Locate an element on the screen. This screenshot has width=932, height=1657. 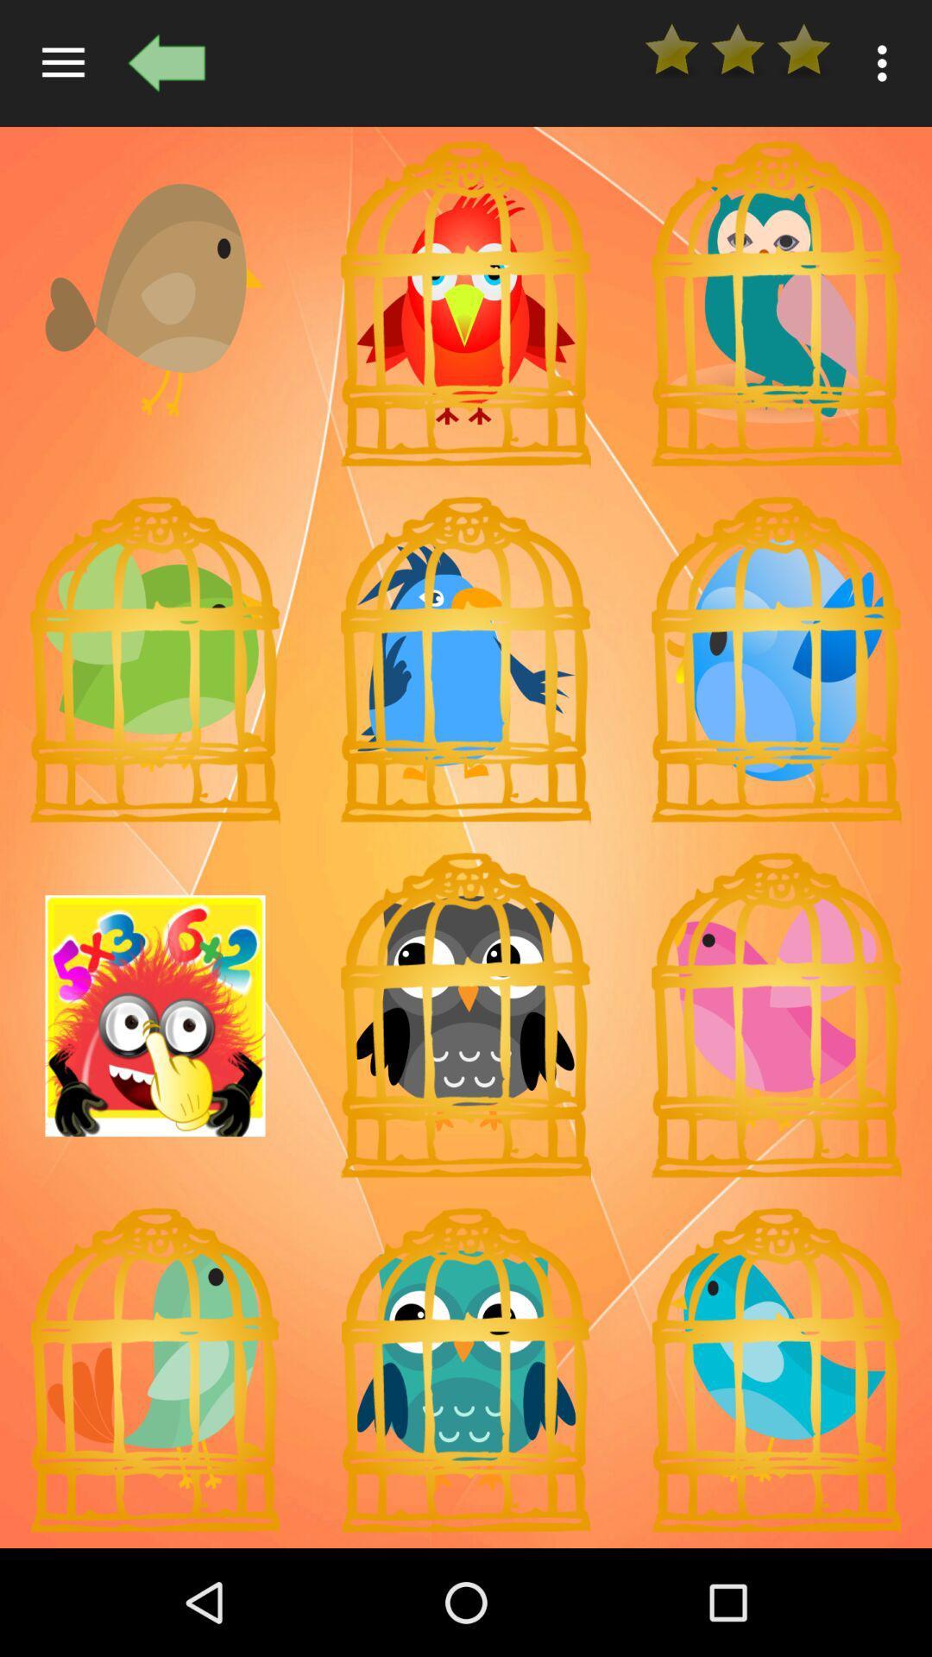
go back is located at coordinates (167, 63).